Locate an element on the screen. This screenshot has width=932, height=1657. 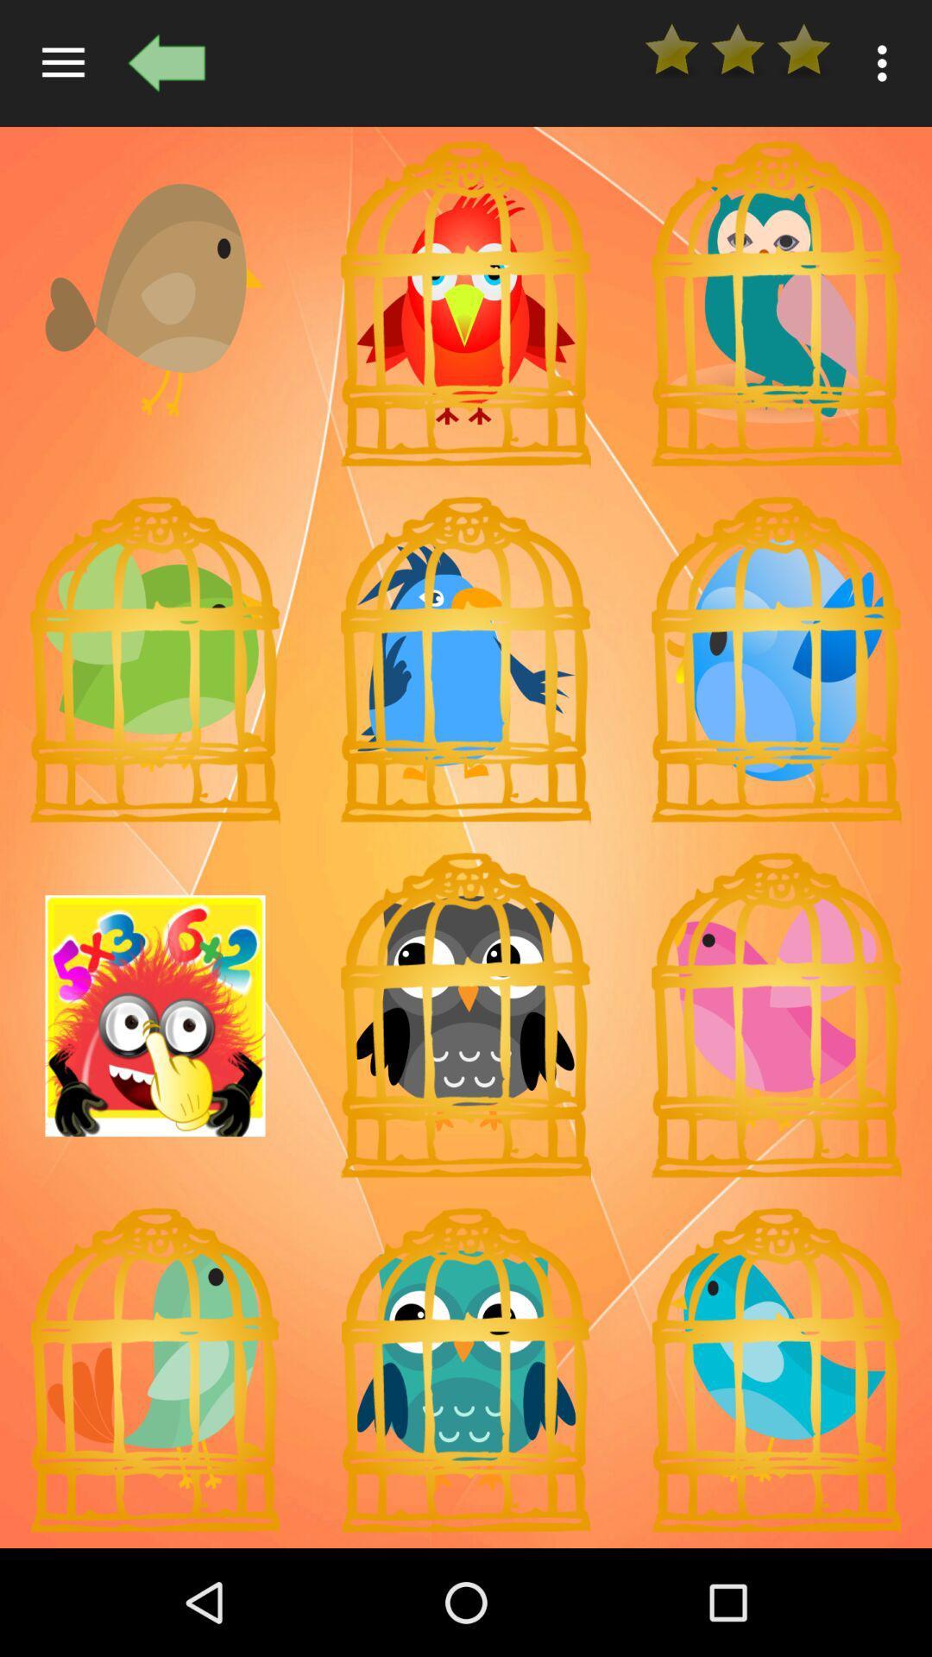
go back is located at coordinates (167, 63).